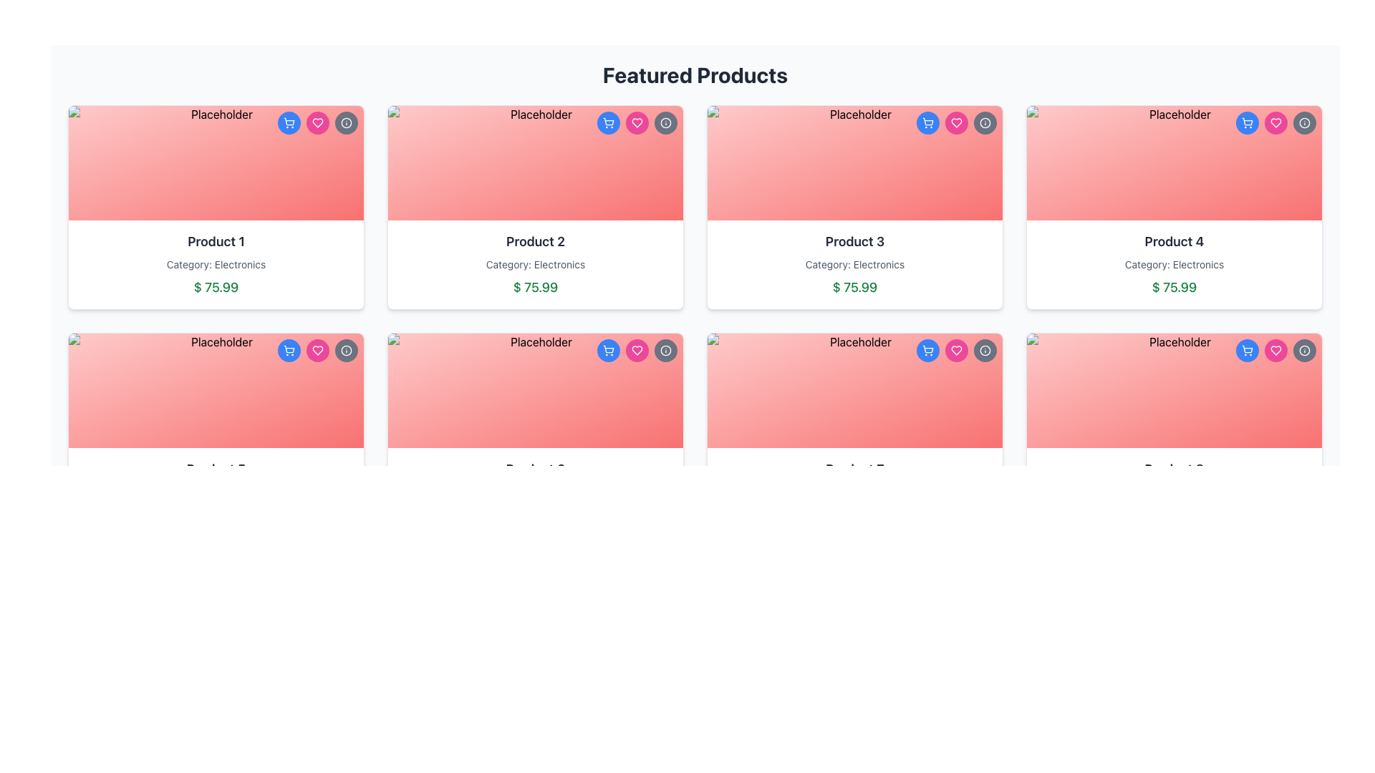 This screenshot has height=773, width=1375. I want to click on the Text Label displaying 'Category: Electronics' located within the 'Product 2' card in the second column of the top row, positioned between the product name and the price, so click(535, 265).